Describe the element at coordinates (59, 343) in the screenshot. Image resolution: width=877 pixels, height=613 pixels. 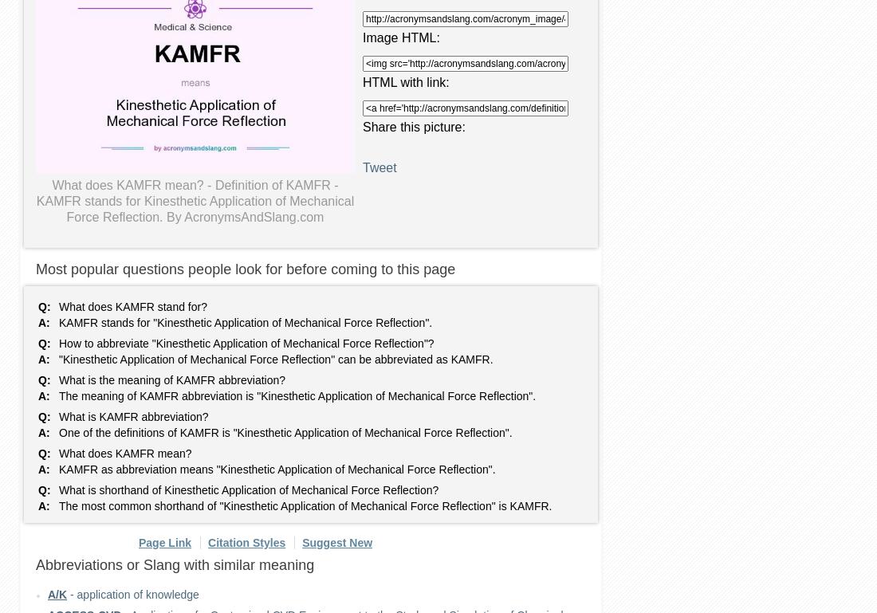
I see `'How to abbreviate "Kinesthetic Application of Mechanical Force Reflection"?'` at that location.